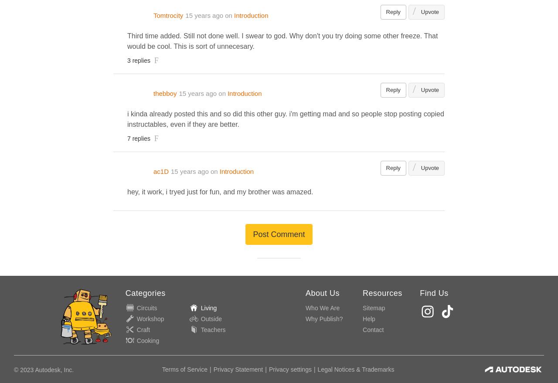 This screenshot has width=558, height=383. Describe the element at coordinates (382, 292) in the screenshot. I see `'Resources'` at that location.